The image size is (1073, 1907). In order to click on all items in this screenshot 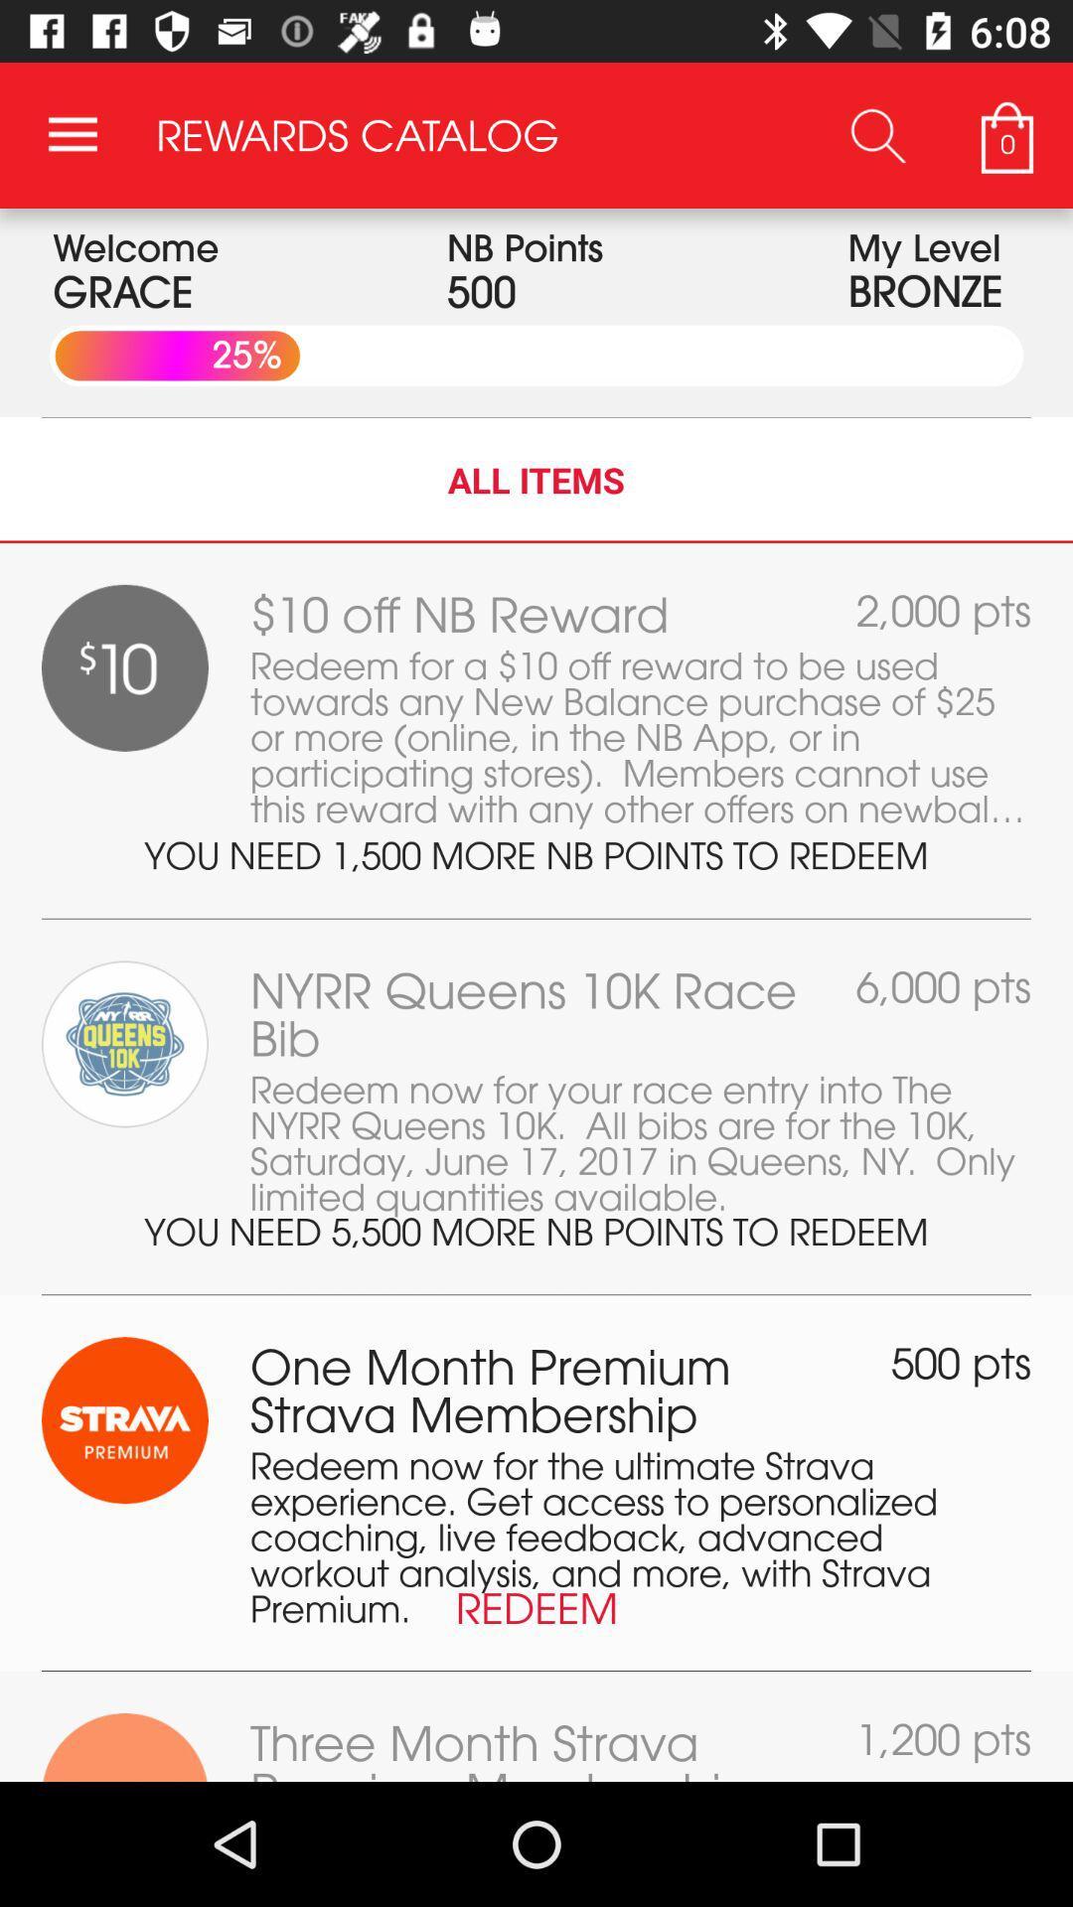, I will do `click(536, 480)`.